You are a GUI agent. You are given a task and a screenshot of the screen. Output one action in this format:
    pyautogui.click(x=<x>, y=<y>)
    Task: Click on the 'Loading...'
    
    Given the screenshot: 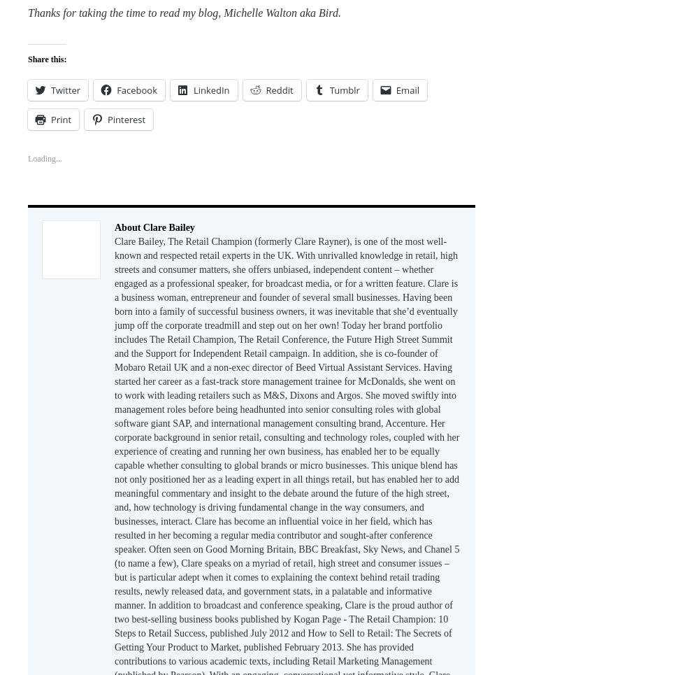 What is the action you would take?
    pyautogui.click(x=27, y=157)
    